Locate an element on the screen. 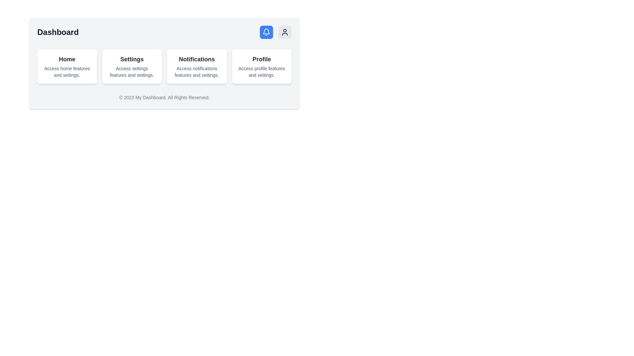 The width and height of the screenshot is (634, 356). the descriptive text element that provides additional information about the 'Settings' feature, located beneath the title 'Settings' in the central column of the grid layout is located at coordinates (132, 72).